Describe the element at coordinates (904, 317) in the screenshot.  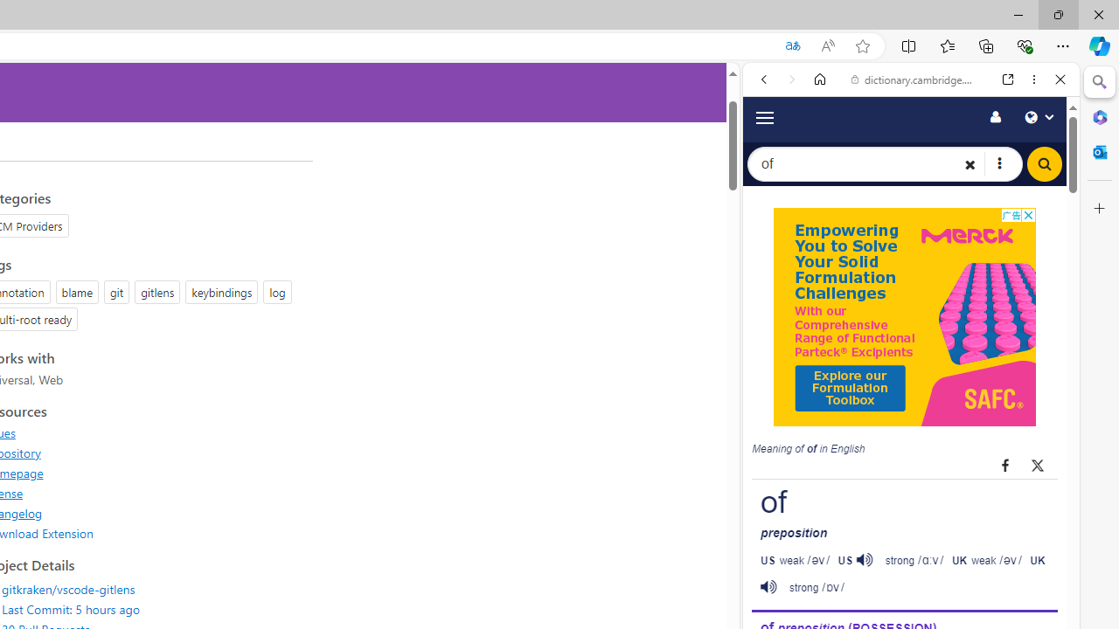
I see `'Advertisement'` at that location.